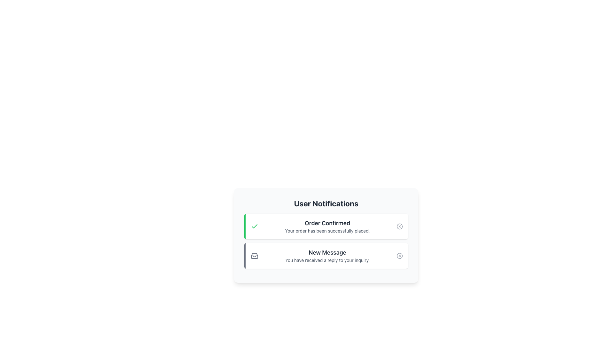 This screenshot has width=614, height=345. Describe the element at coordinates (326, 235) in the screenshot. I see `the Notification Card, which is the first item in the User Notifications panel, styled with soft shadows and rounded corners, containing a bold category text and additional details` at that location.